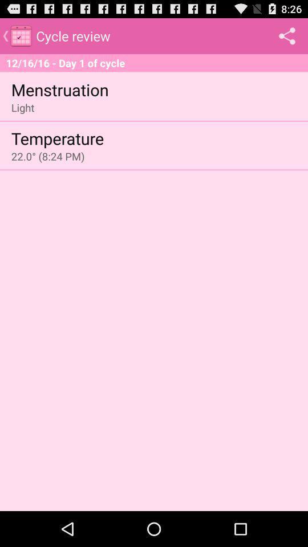 This screenshot has width=308, height=547. I want to click on light, so click(23, 107).